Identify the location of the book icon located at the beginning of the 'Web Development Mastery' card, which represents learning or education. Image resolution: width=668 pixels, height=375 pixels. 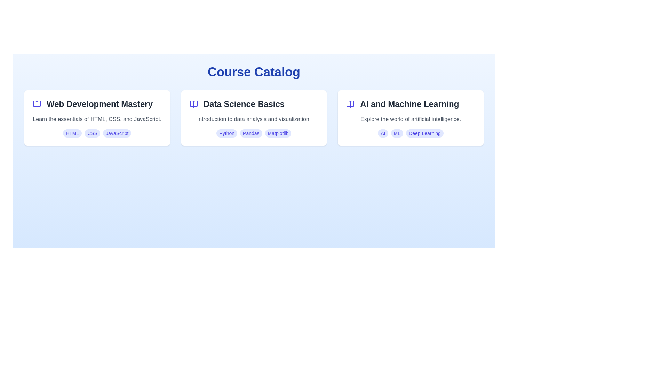
(36, 104).